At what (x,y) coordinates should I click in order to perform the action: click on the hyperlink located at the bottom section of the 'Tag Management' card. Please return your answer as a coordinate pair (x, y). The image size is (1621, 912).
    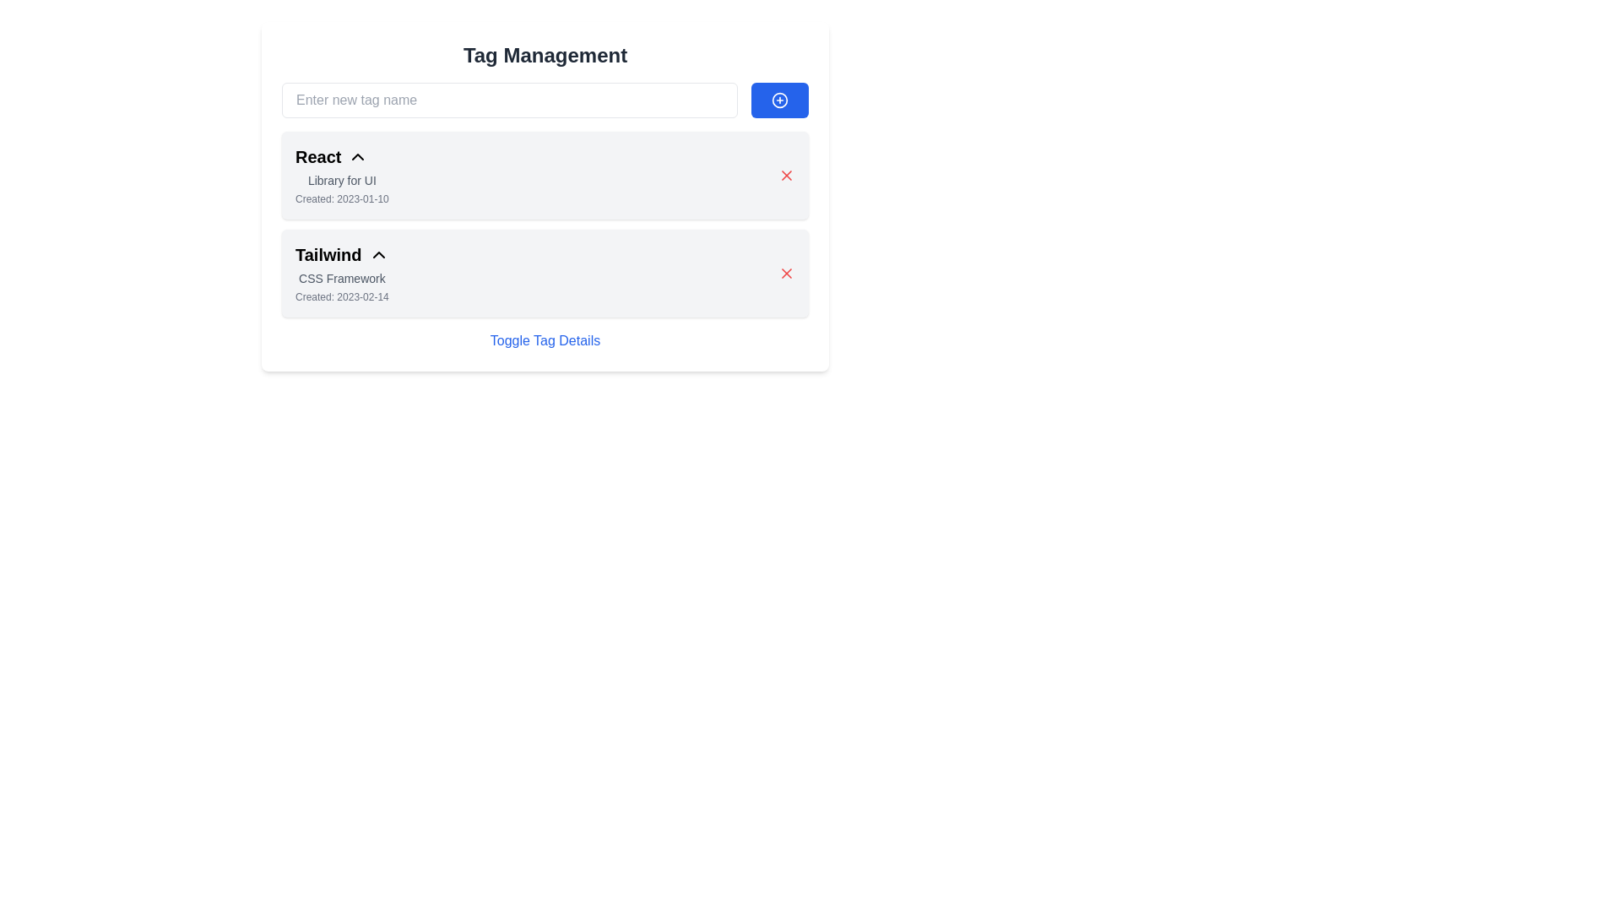
    Looking at the image, I should click on (545, 341).